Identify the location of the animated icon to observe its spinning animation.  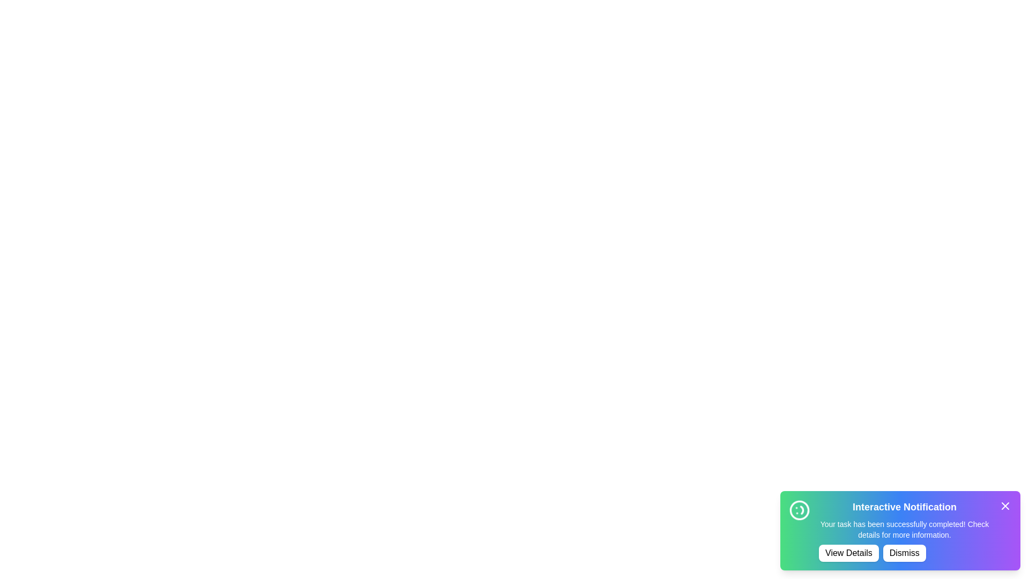
(800, 510).